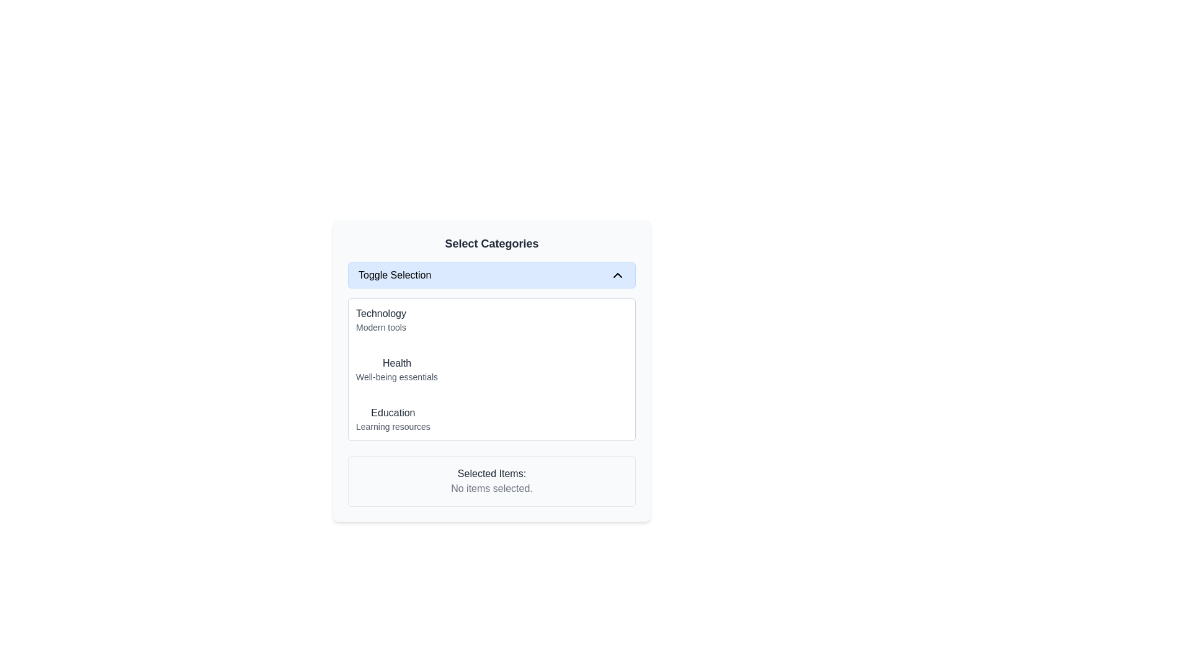 The height and width of the screenshot is (670, 1191). Describe the element at coordinates (396, 363) in the screenshot. I see `the non-interactive category label located in the second slot of the vertical list within the 'Select Categories' panel, positioned between 'Technology' and 'Well-being essentials'` at that location.